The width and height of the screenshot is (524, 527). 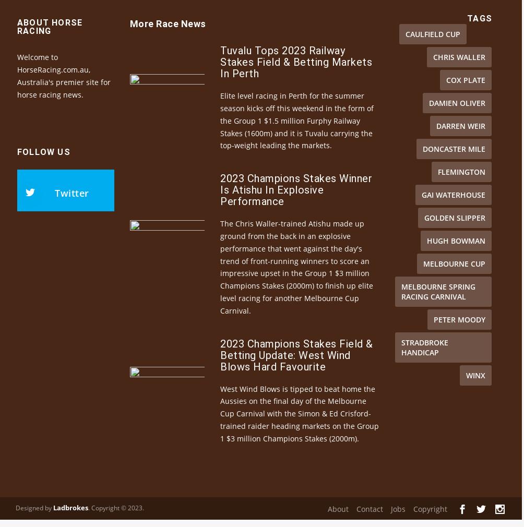 What do you see at coordinates (43, 170) in the screenshot?
I see `'Follow Us'` at bounding box center [43, 170].